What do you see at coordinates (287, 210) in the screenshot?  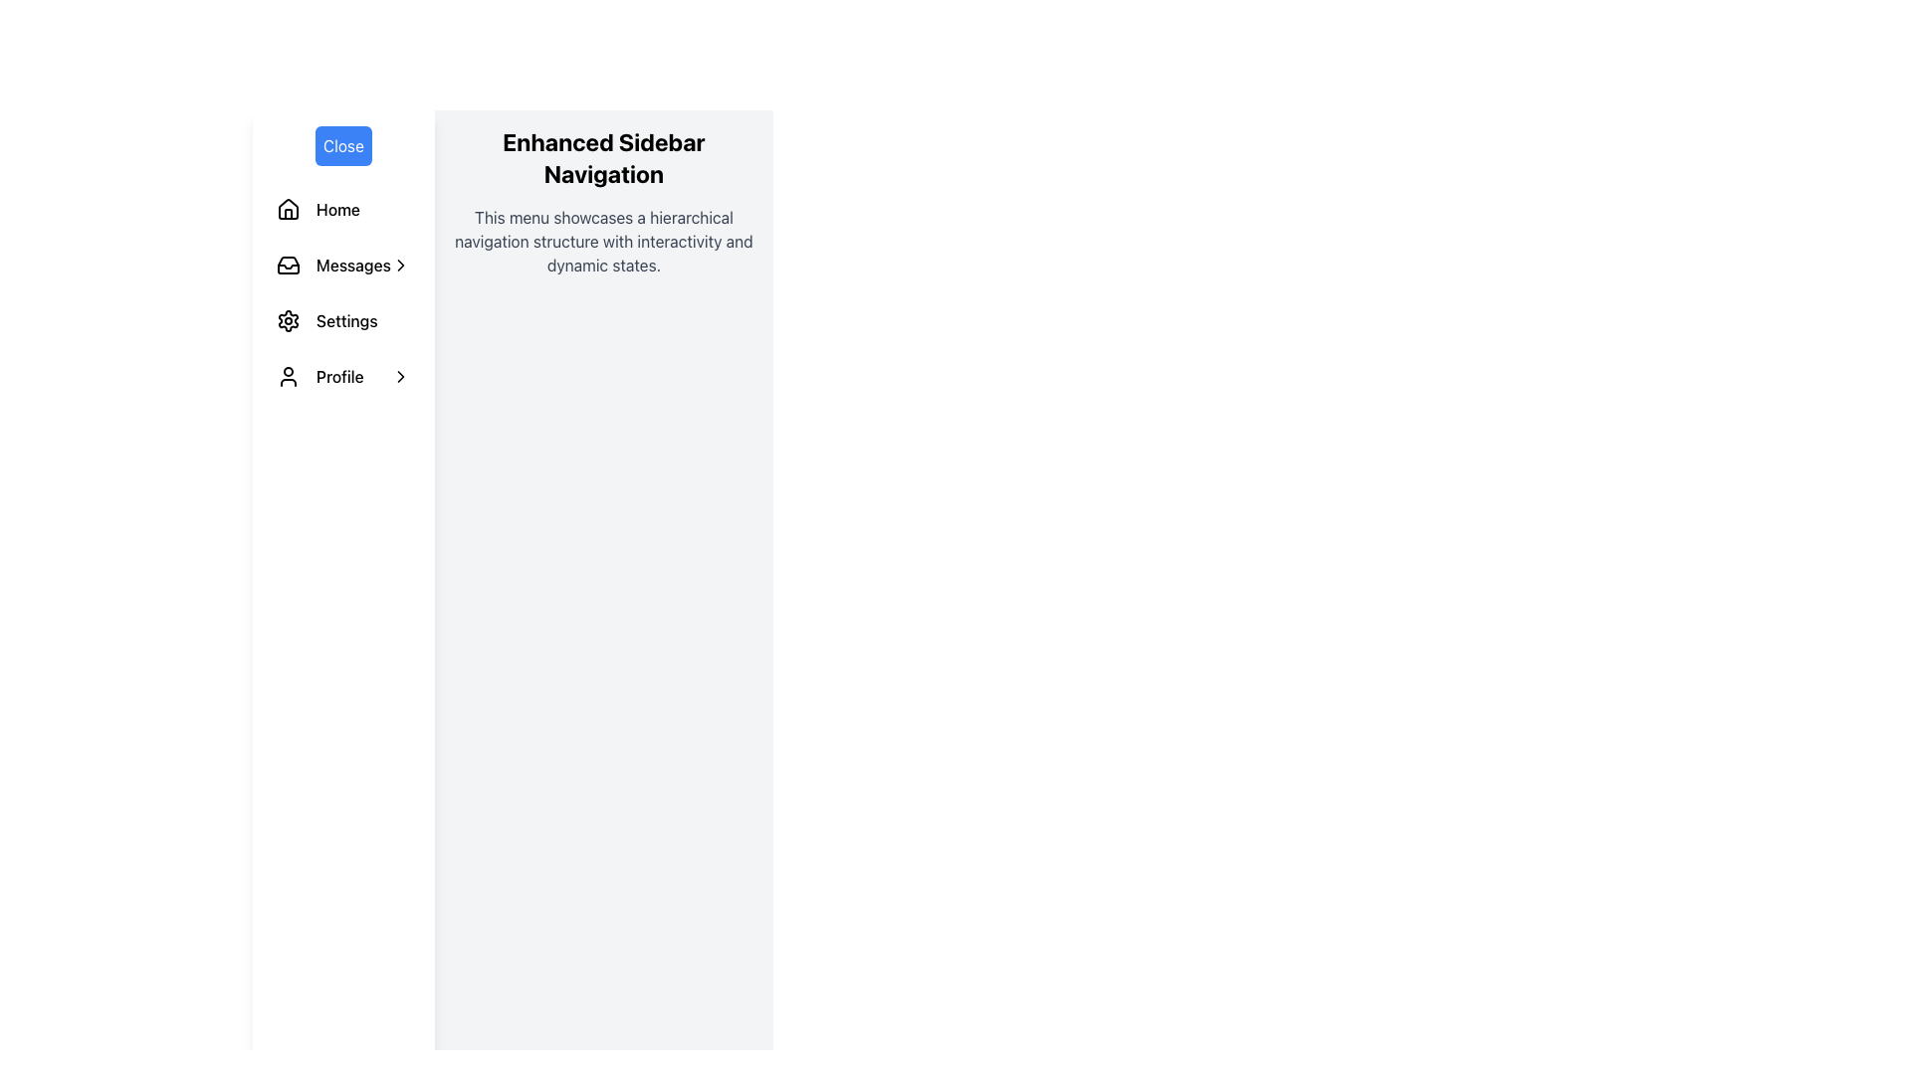 I see `the small home icon located in the first item of the vertical navigation sidebar, positioned to the left of the 'Home' text label` at bounding box center [287, 210].